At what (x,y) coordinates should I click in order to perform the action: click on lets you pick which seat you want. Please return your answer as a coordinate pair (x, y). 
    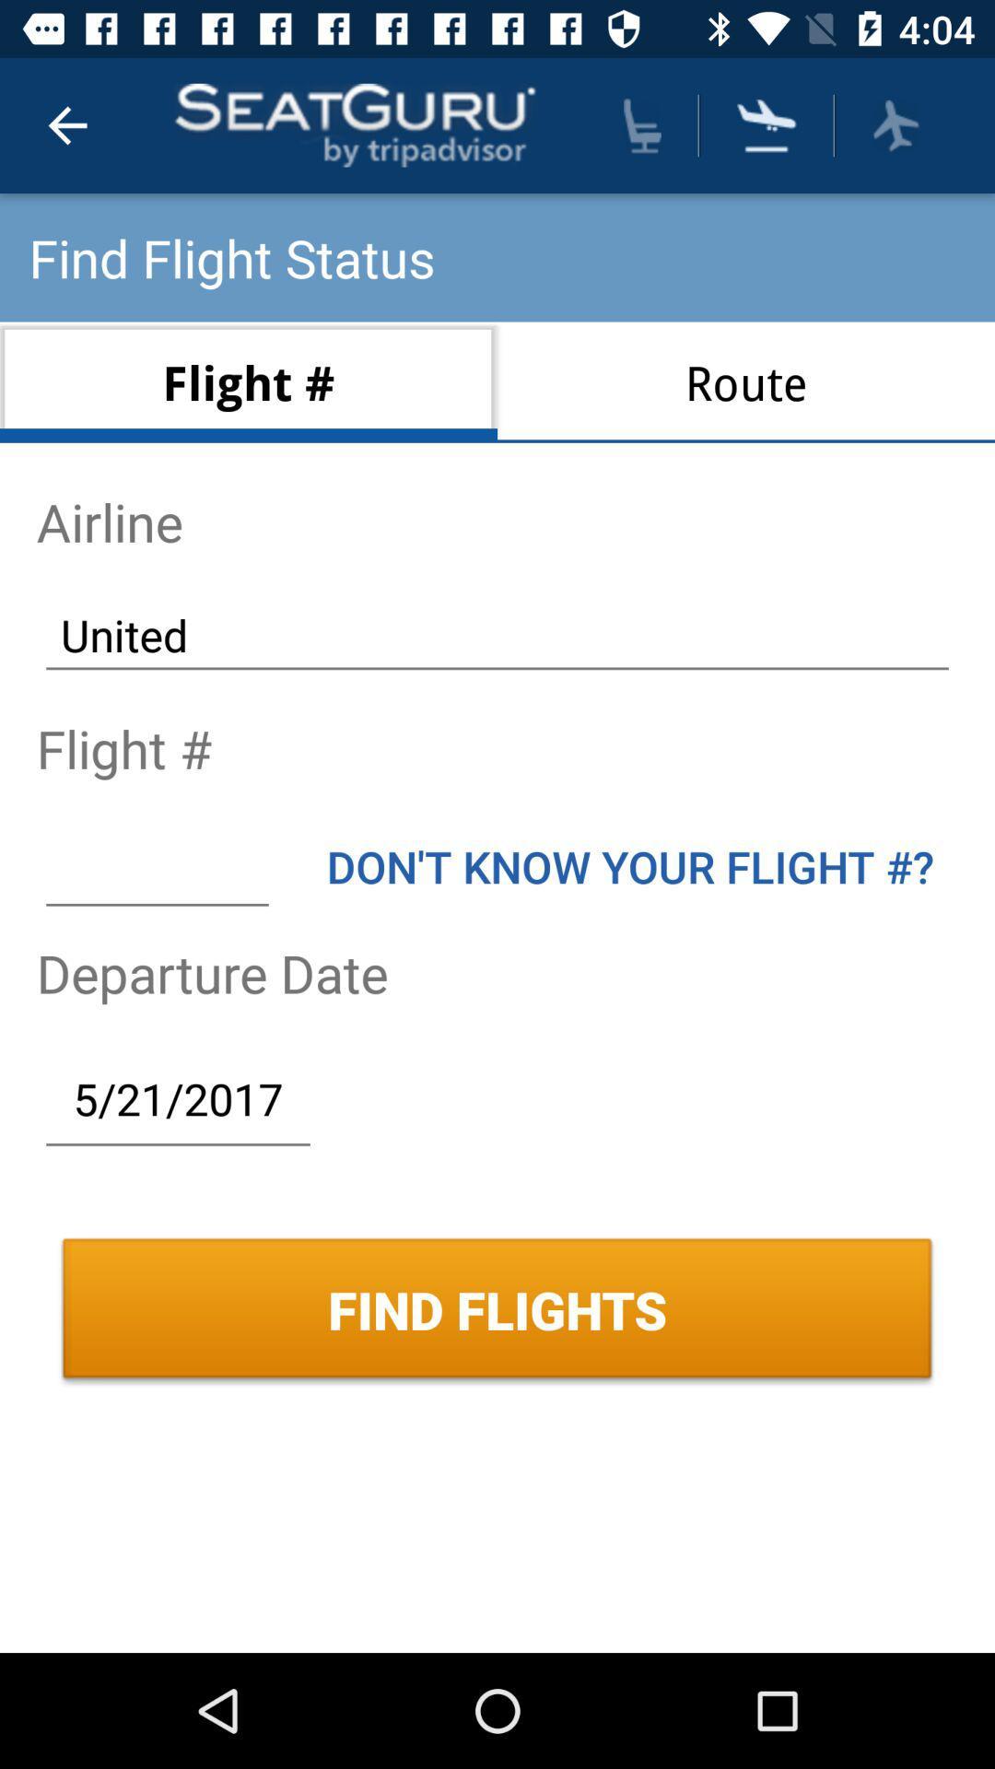
    Looking at the image, I should click on (641, 124).